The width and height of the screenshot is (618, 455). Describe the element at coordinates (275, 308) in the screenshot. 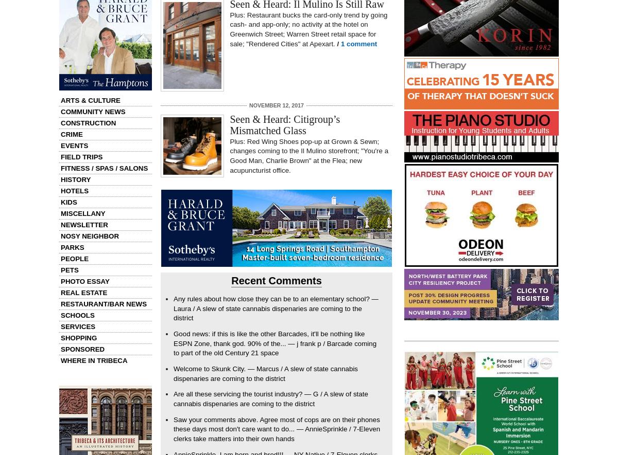

I see `'Any rules about how close they can be to an elementary school?  — Laura / A slew of state cannabis dispenaries are coming to the district'` at that location.